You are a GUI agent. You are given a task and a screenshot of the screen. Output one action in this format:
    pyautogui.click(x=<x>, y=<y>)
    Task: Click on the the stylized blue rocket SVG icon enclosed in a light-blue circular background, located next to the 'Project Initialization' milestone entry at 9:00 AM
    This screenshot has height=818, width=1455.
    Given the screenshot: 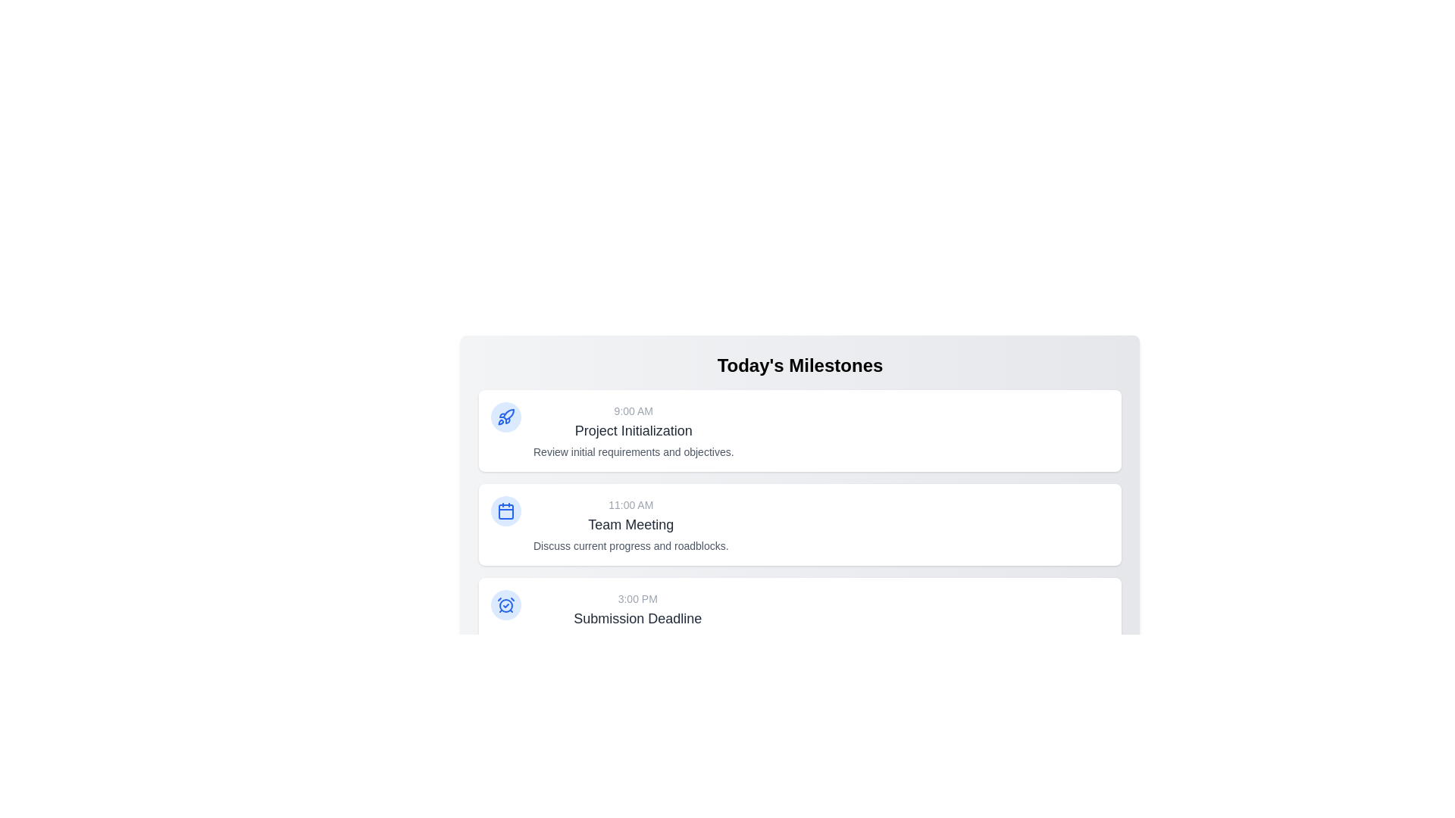 What is the action you would take?
    pyautogui.click(x=505, y=417)
    